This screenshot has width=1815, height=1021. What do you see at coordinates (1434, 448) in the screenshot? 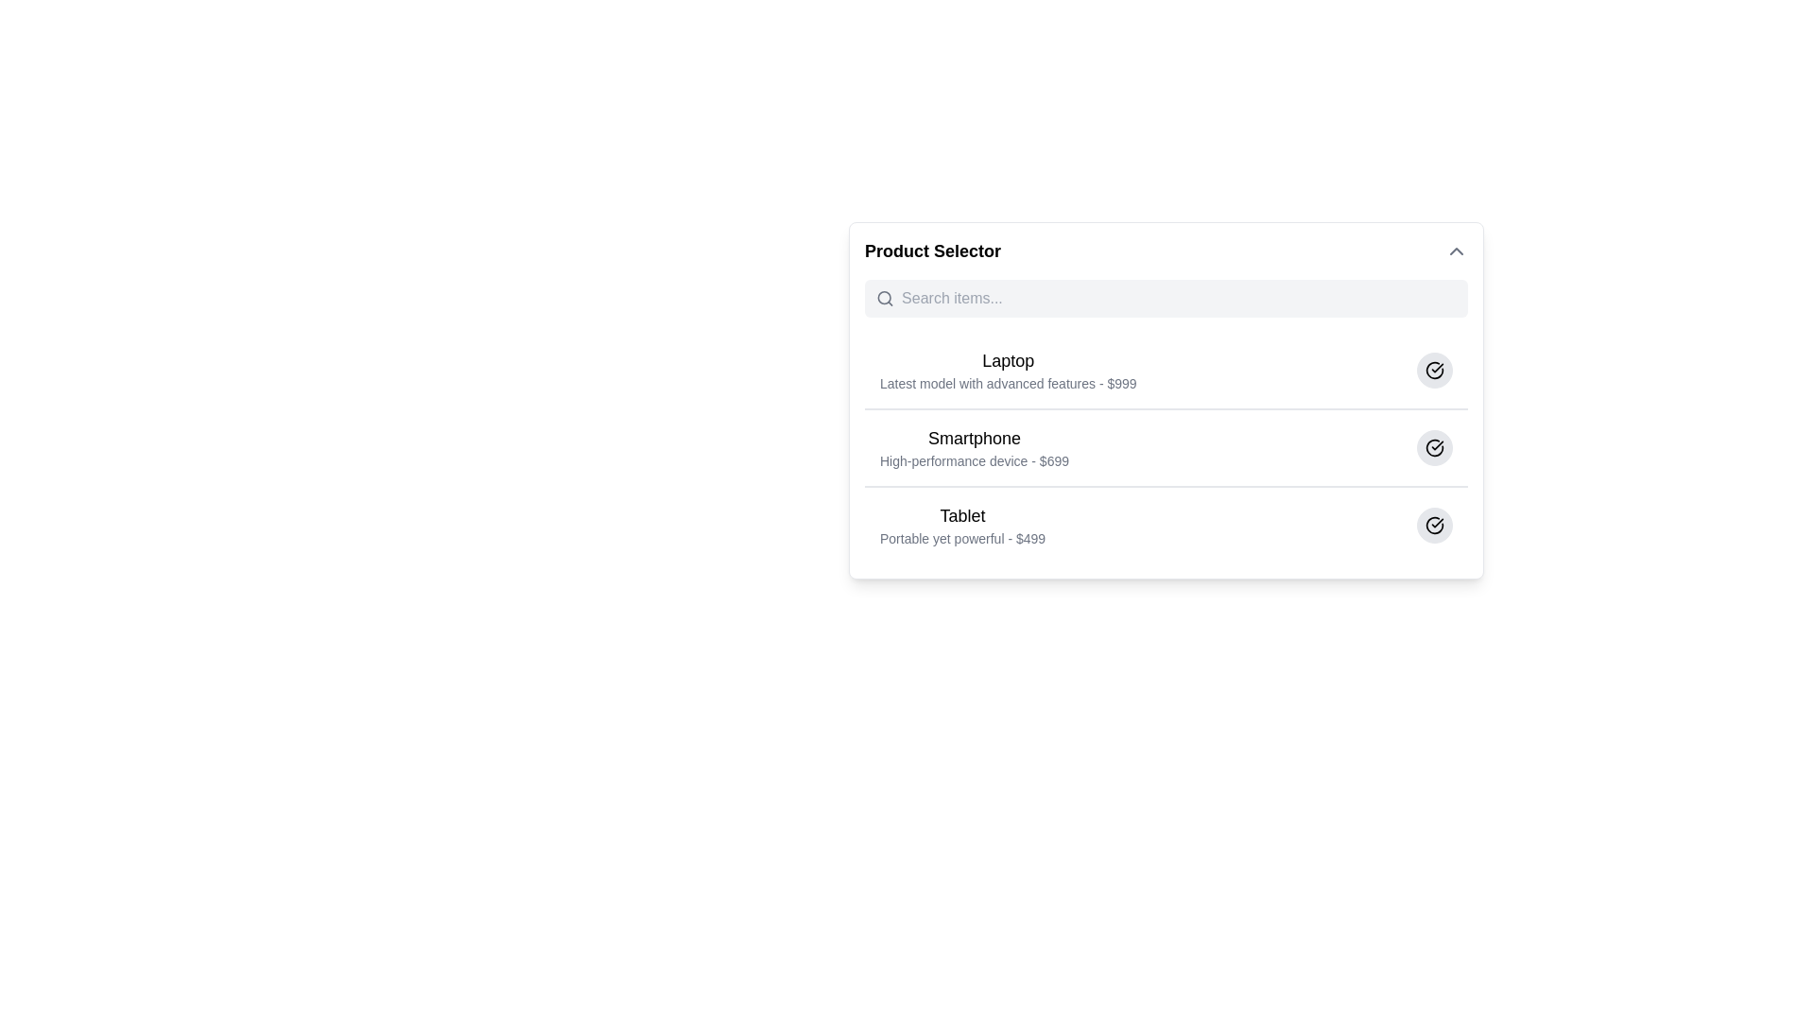
I see `the Icon button located` at bounding box center [1434, 448].